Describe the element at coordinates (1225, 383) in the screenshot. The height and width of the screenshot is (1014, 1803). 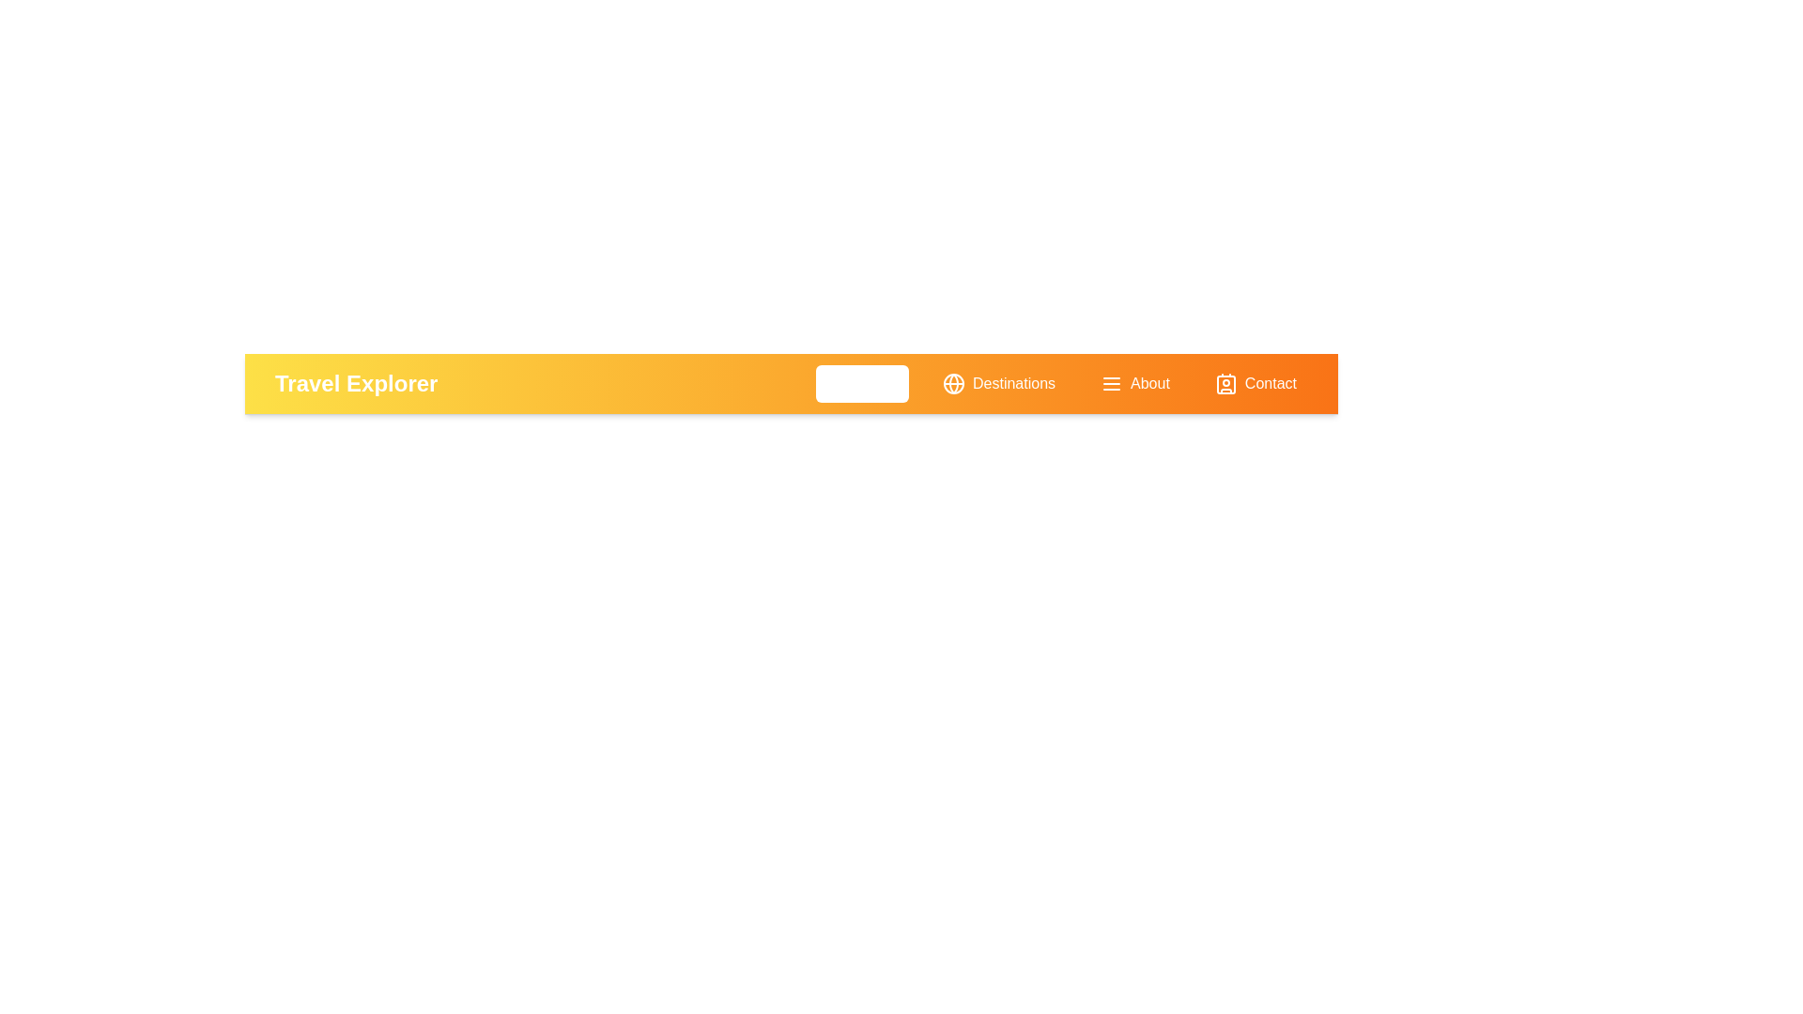
I see `the 'Contact' icon located at the far right of the navigation bar, which provides access to contact information or forms` at that location.